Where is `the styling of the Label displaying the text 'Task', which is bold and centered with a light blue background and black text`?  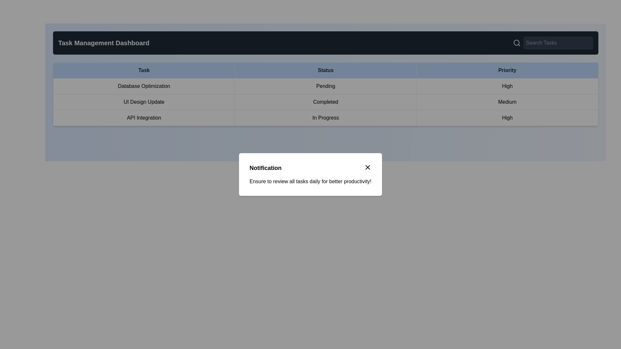 the styling of the Label displaying the text 'Task', which is bold and centered with a light blue background and black text is located at coordinates (144, 70).